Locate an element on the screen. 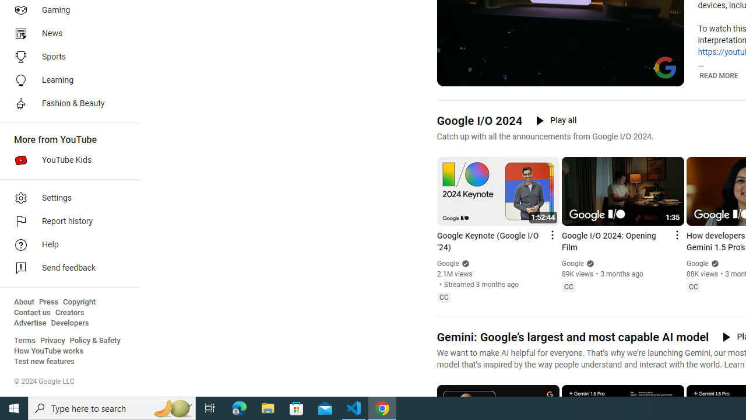 The image size is (746, 420). 'Press' is located at coordinates (48, 302).